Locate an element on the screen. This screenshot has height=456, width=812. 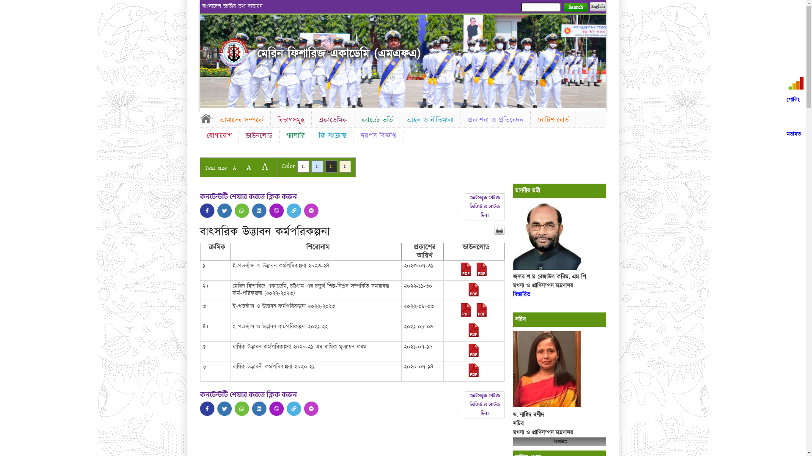
'C' is located at coordinates (316, 166).